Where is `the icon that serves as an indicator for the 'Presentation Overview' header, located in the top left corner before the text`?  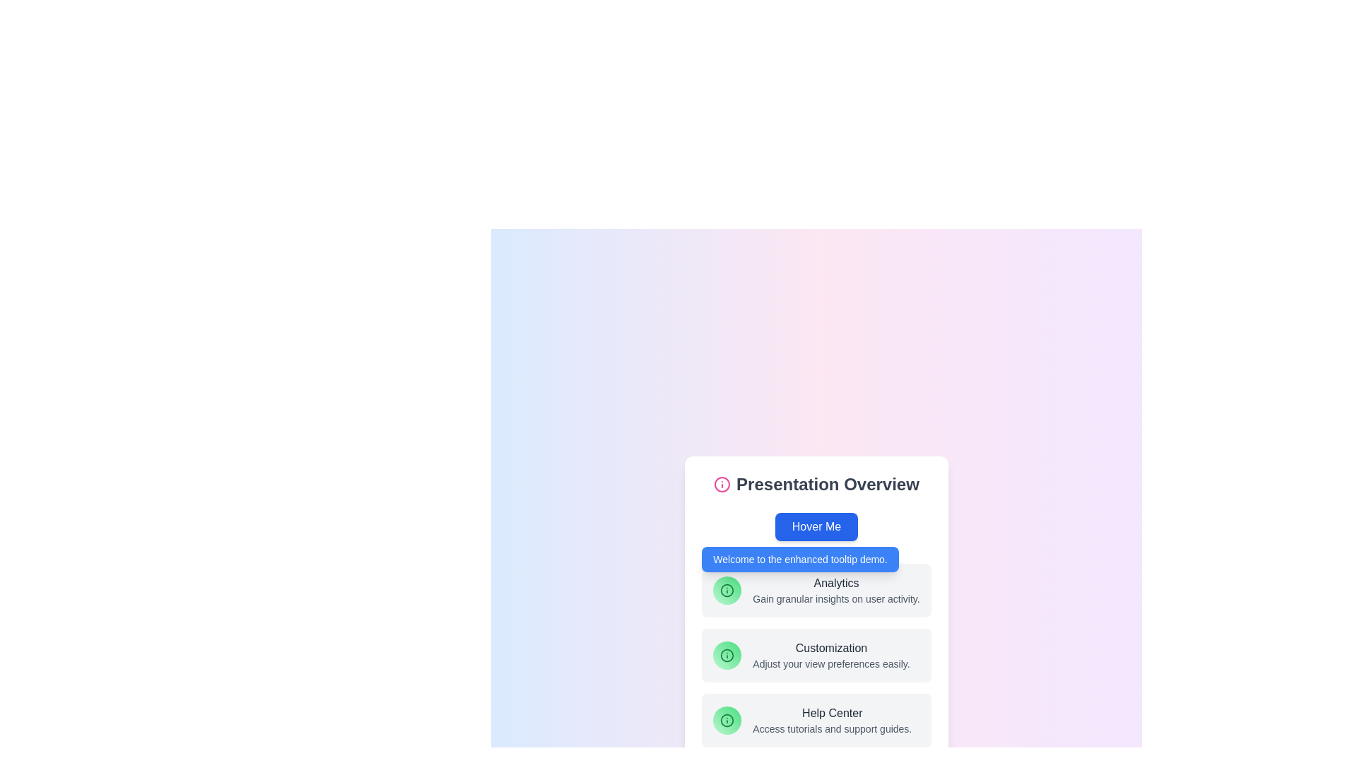 the icon that serves as an indicator for the 'Presentation Overview' header, located in the top left corner before the text is located at coordinates (722, 484).